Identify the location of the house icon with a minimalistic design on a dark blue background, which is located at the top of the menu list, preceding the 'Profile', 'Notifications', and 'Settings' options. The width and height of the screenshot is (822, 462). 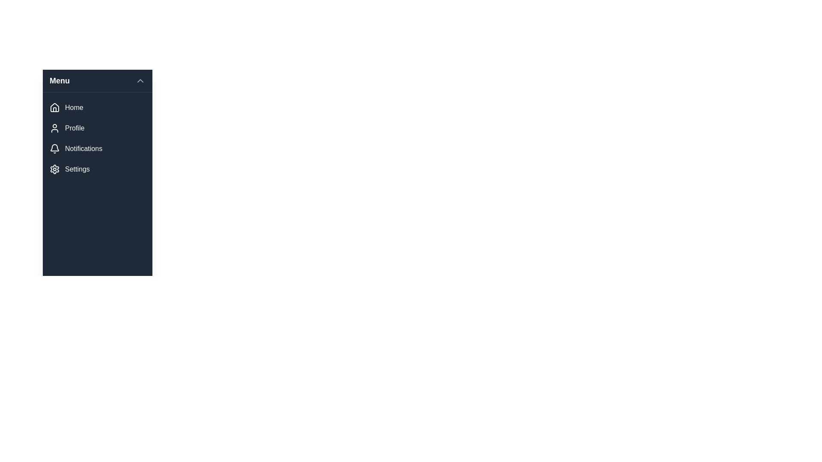
(54, 107).